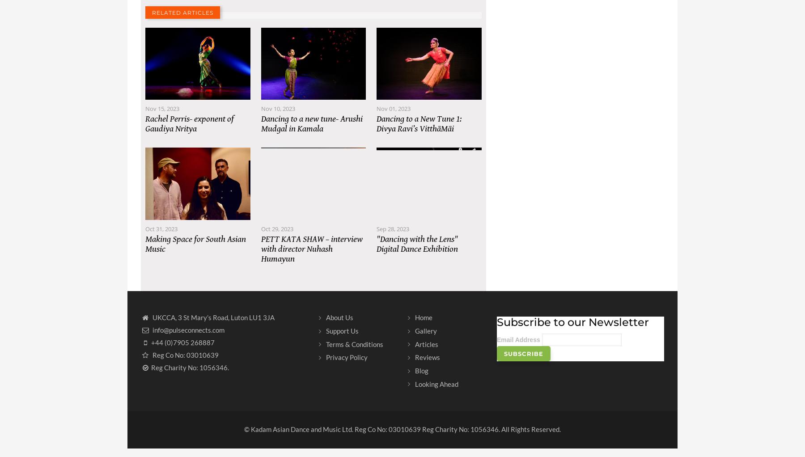 Image resolution: width=805 pixels, height=457 pixels. Describe the element at coordinates (377, 132) in the screenshot. I see `'Dancing to a New Tune 1: Divya Ravi’s VitthāMāi'` at that location.